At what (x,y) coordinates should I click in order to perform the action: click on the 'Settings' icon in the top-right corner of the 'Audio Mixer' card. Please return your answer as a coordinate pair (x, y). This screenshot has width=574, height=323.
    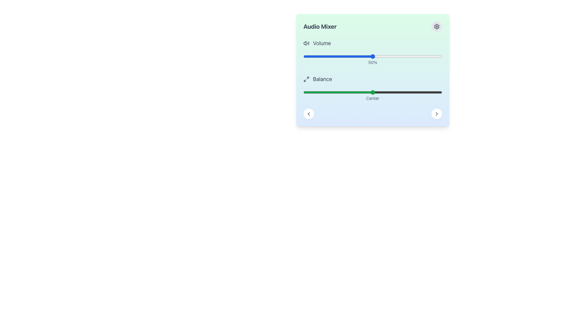
    Looking at the image, I should click on (436, 26).